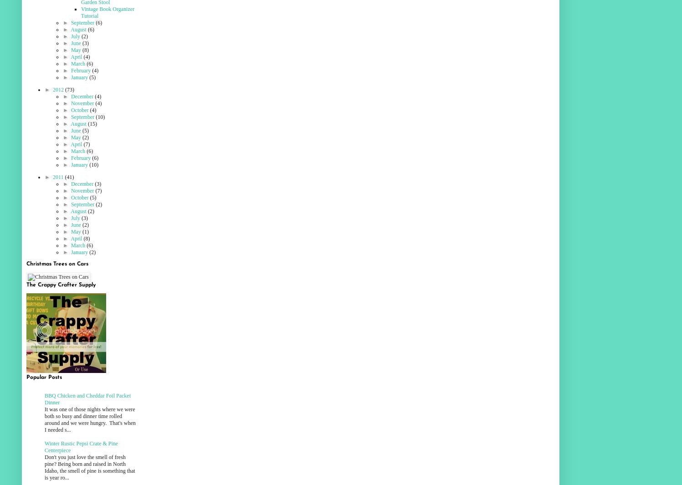  I want to click on 'Winter Rustic Pepsi Crate & Pine Centerpiece', so click(81, 447).